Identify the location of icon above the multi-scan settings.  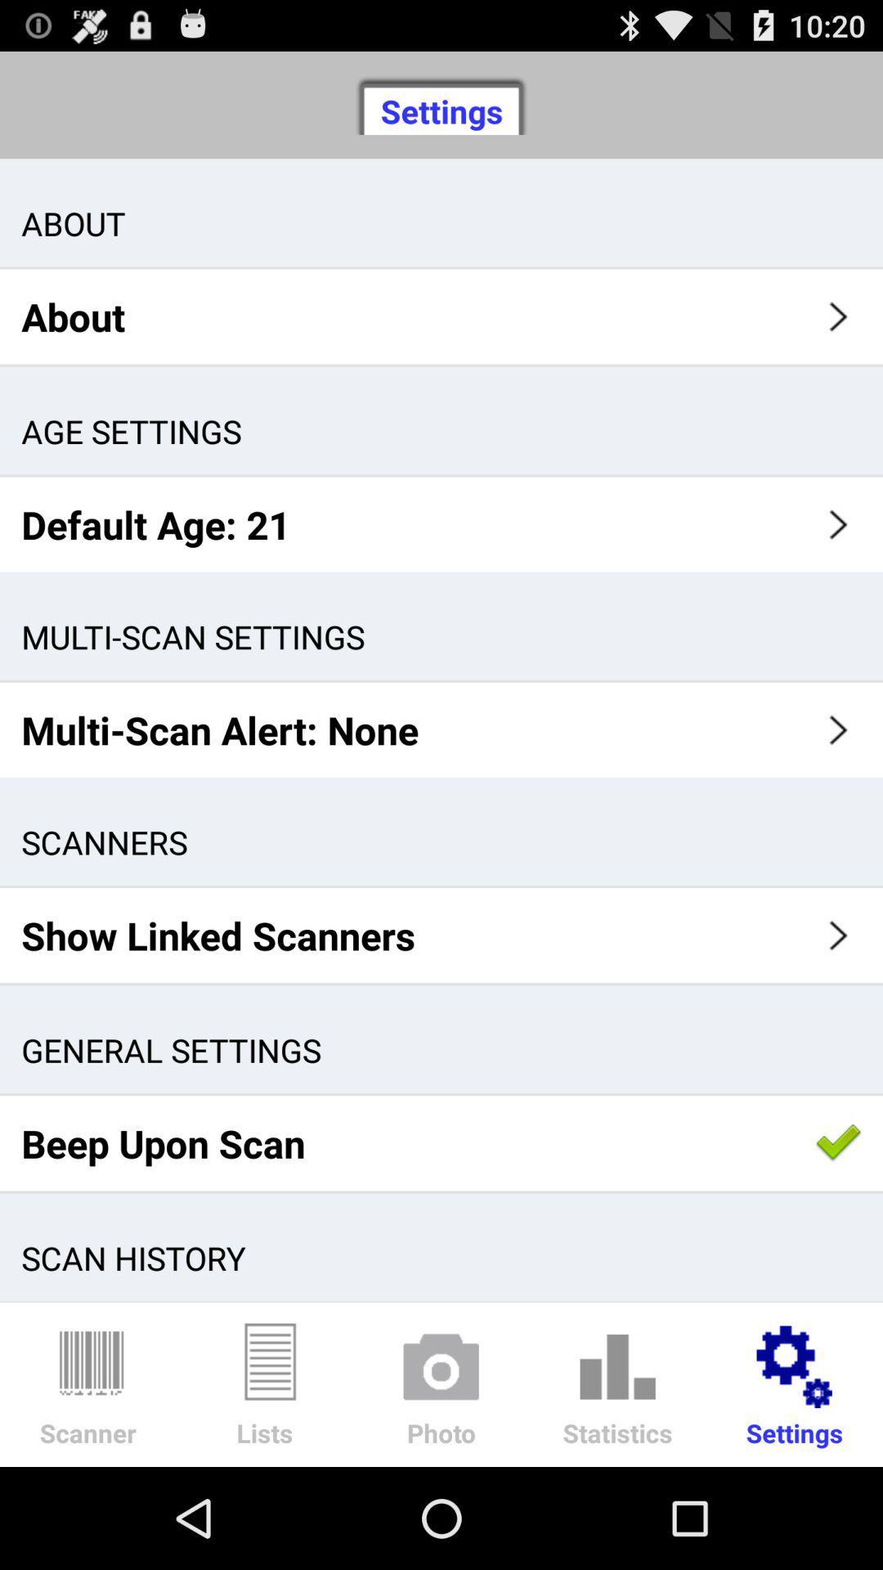
(441, 524).